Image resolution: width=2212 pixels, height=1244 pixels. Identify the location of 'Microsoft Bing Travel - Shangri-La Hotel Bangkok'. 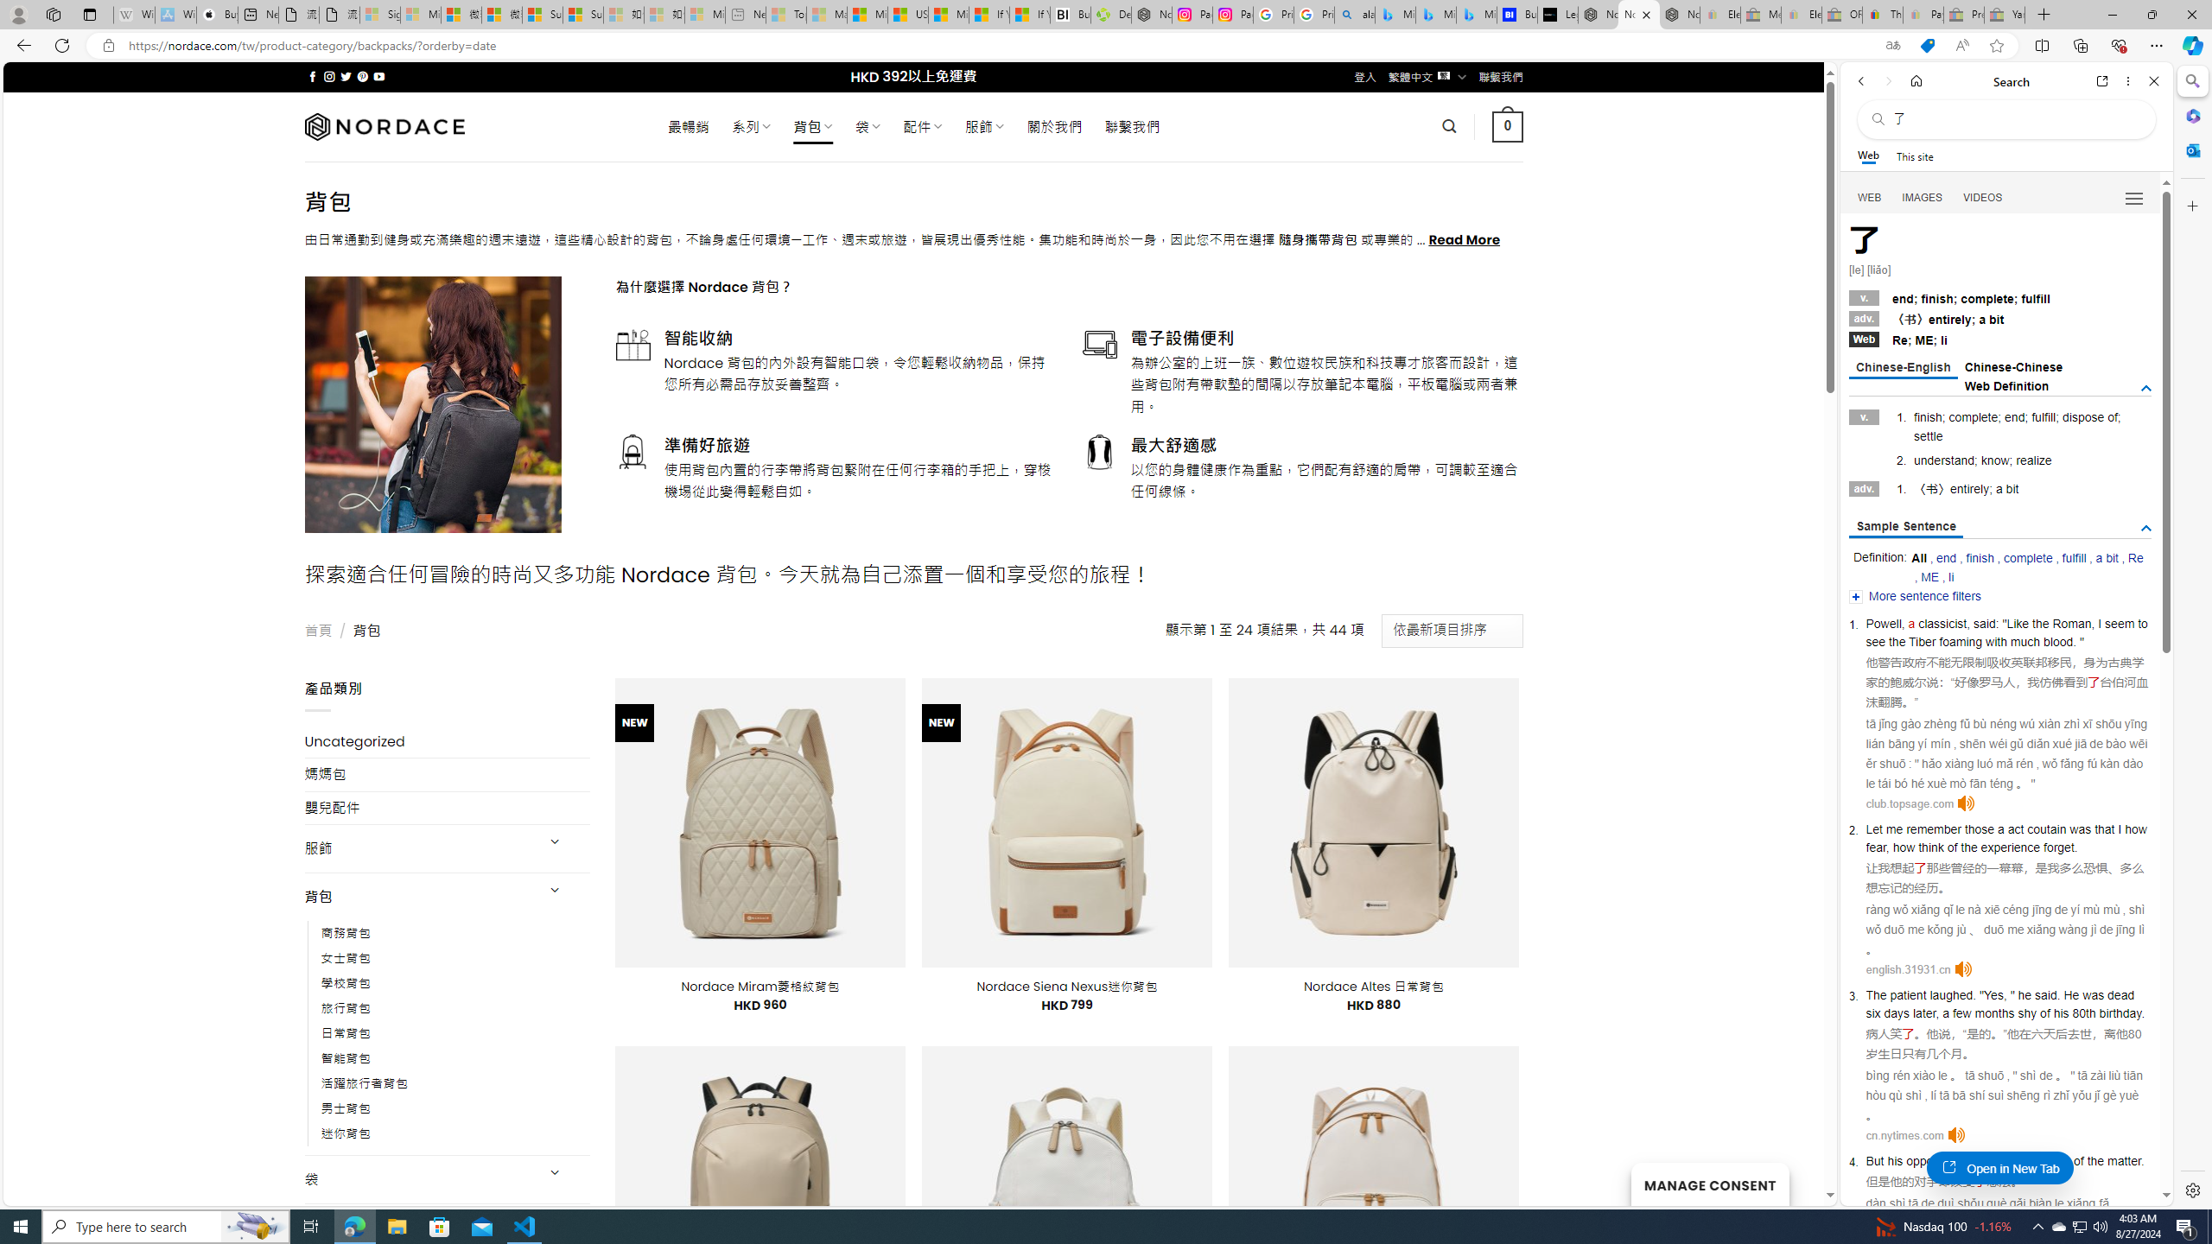
(1476, 14).